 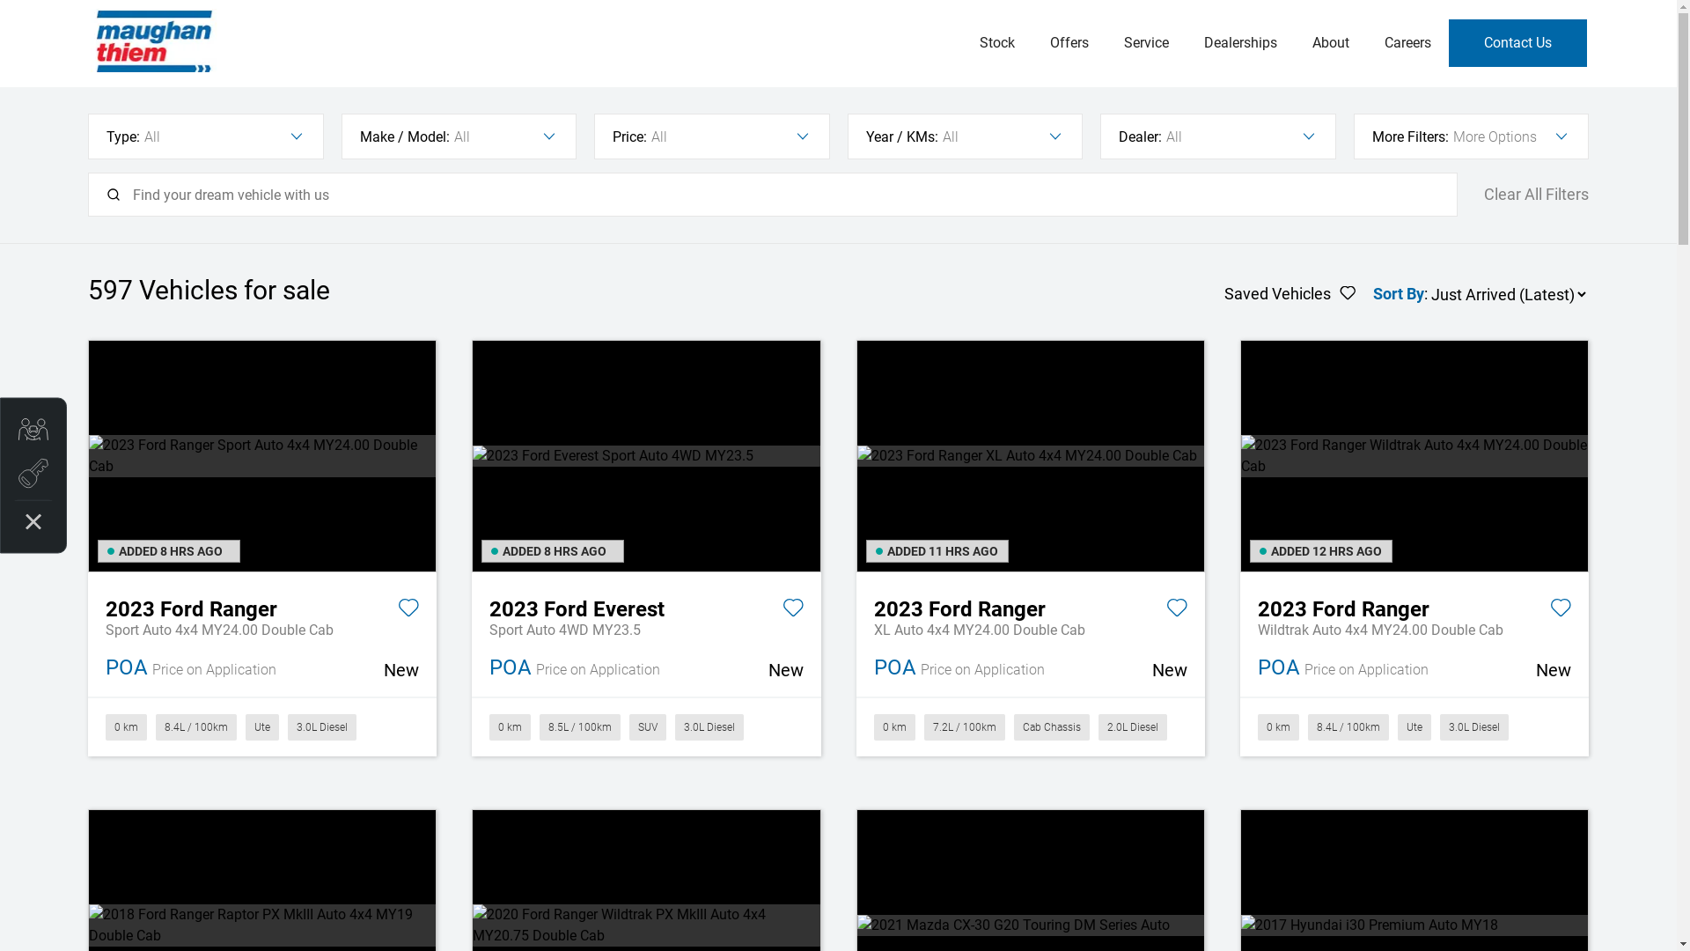 What do you see at coordinates (1414, 606) in the screenshot?
I see `'2023 Ford Ranger` at bounding box center [1414, 606].